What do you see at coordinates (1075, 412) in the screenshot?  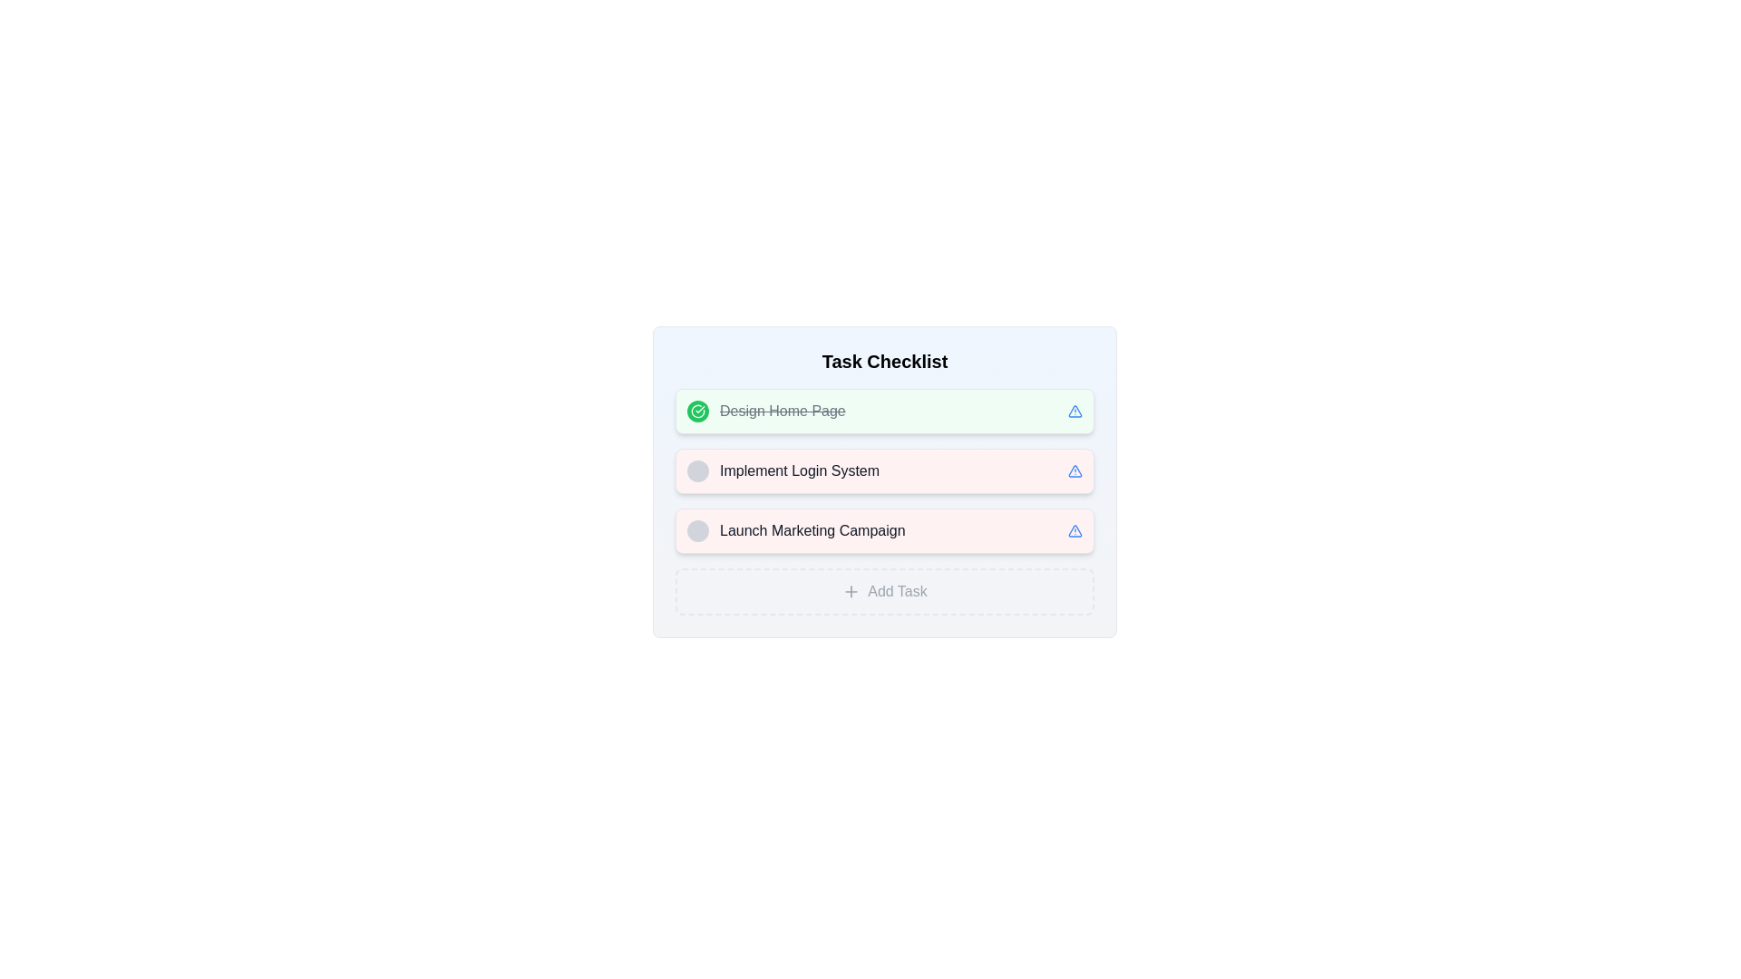 I see `the warning icon located to the right of the text 'Implement Login System' in the second task item of the checklist` at bounding box center [1075, 412].